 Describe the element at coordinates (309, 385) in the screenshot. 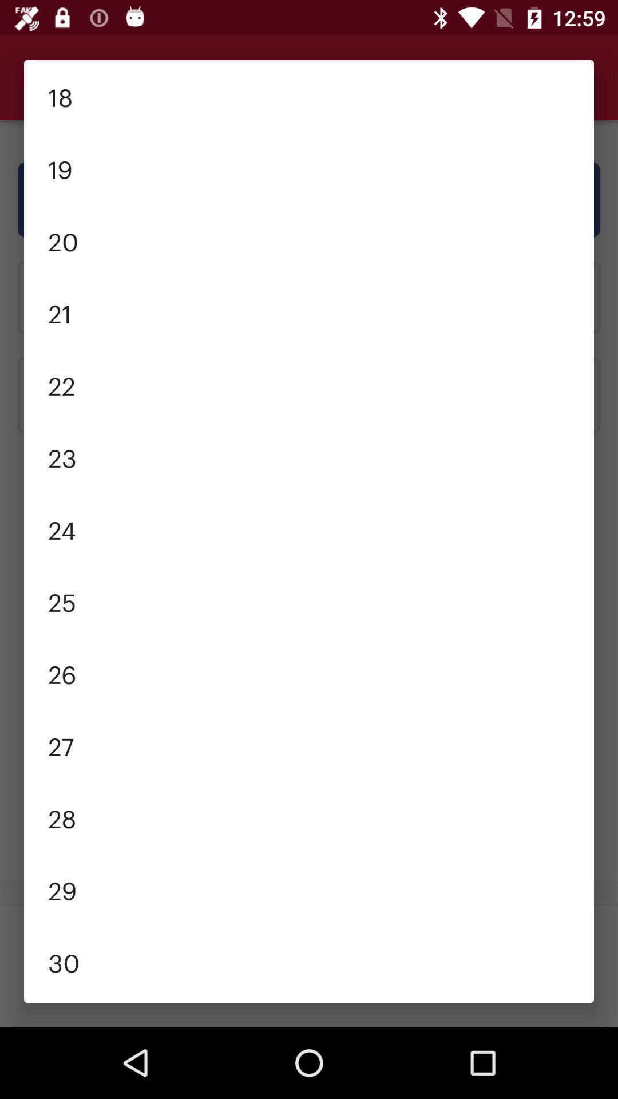

I see `the 22 item` at that location.